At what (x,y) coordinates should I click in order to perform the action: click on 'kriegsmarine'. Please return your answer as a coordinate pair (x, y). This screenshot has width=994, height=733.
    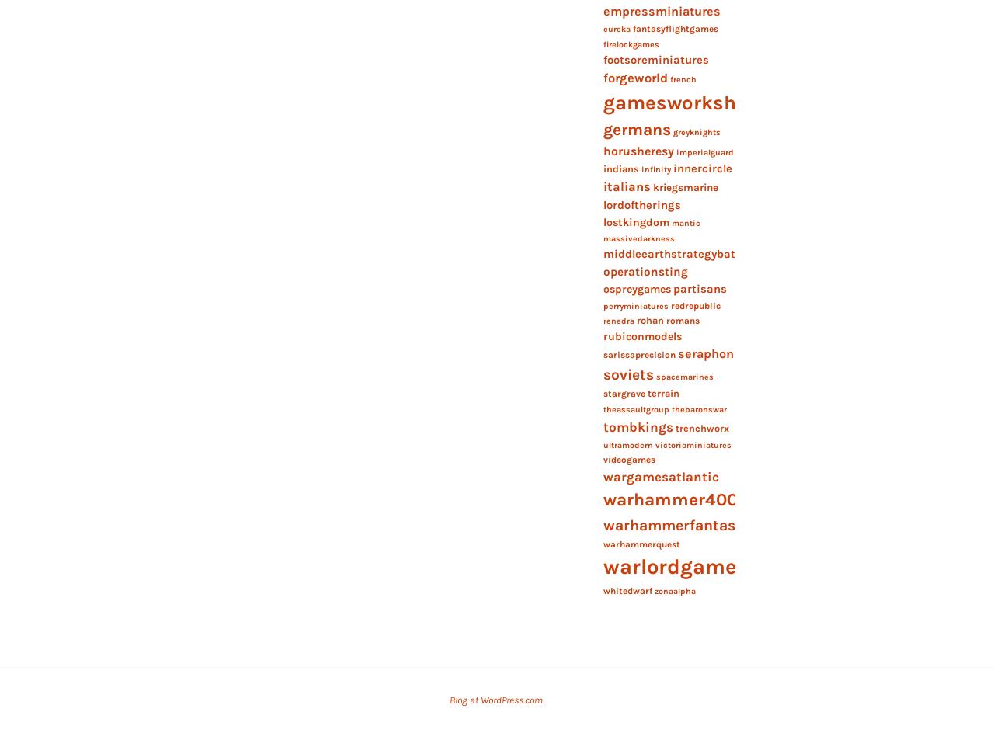
    Looking at the image, I should click on (652, 187).